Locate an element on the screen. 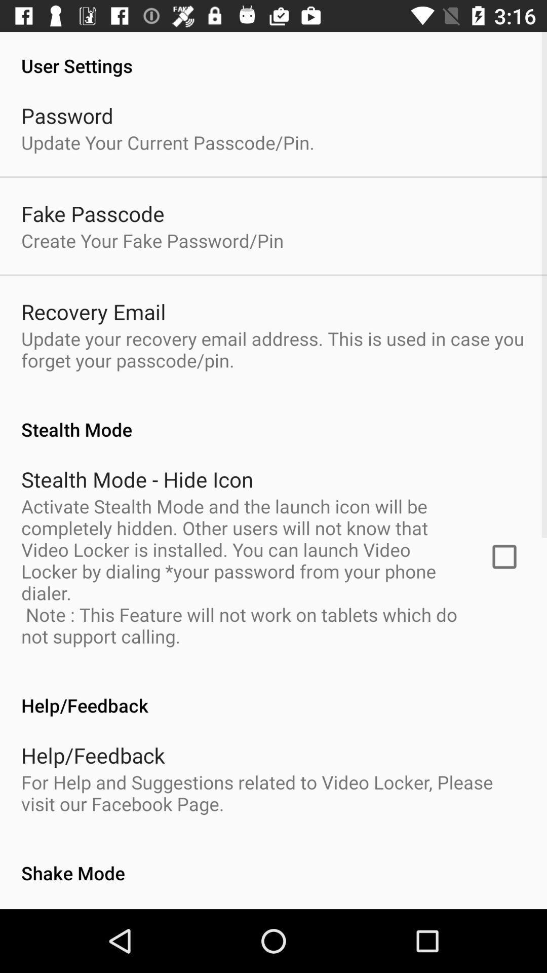 This screenshot has height=973, width=547. item above the shake mode is located at coordinates (273, 792).